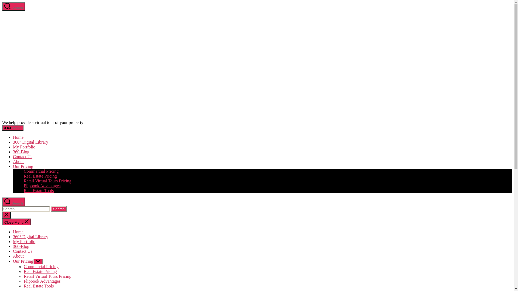 This screenshot has height=291, width=518. I want to click on 'Real Estate Tools', so click(38, 286).